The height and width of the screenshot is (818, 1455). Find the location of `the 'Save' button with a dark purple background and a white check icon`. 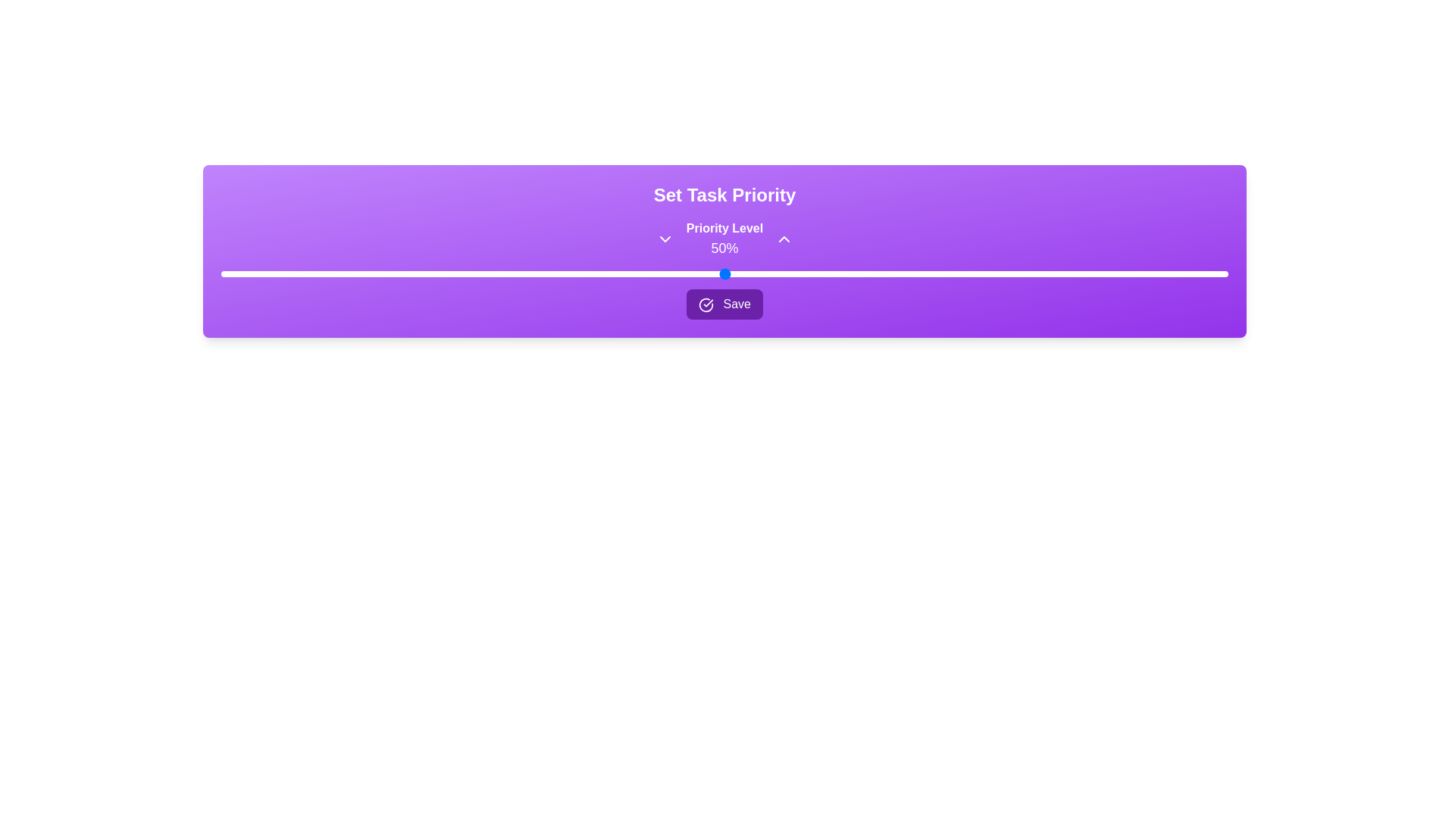

the 'Save' button with a dark purple background and a white check icon is located at coordinates (724, 304).